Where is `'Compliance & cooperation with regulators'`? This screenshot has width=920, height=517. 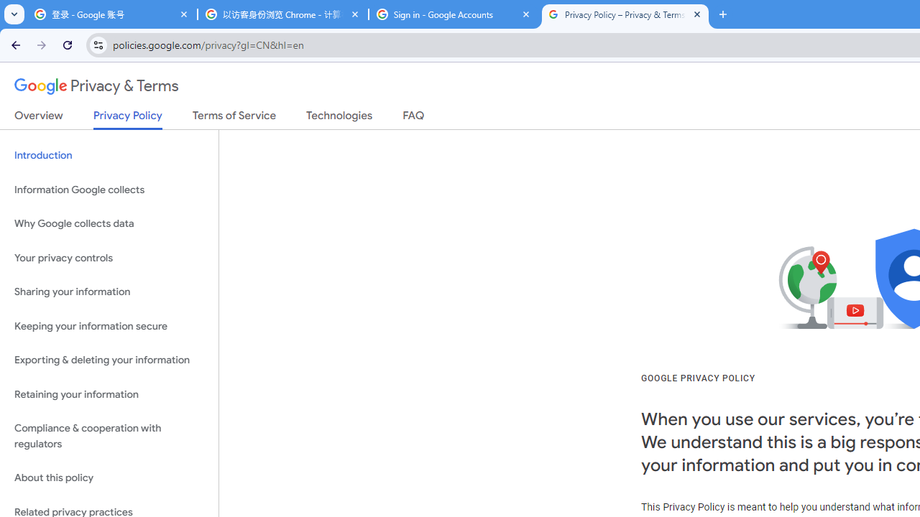
'Compliance & cooperation with regulators' is located at coordinates (109, 436).